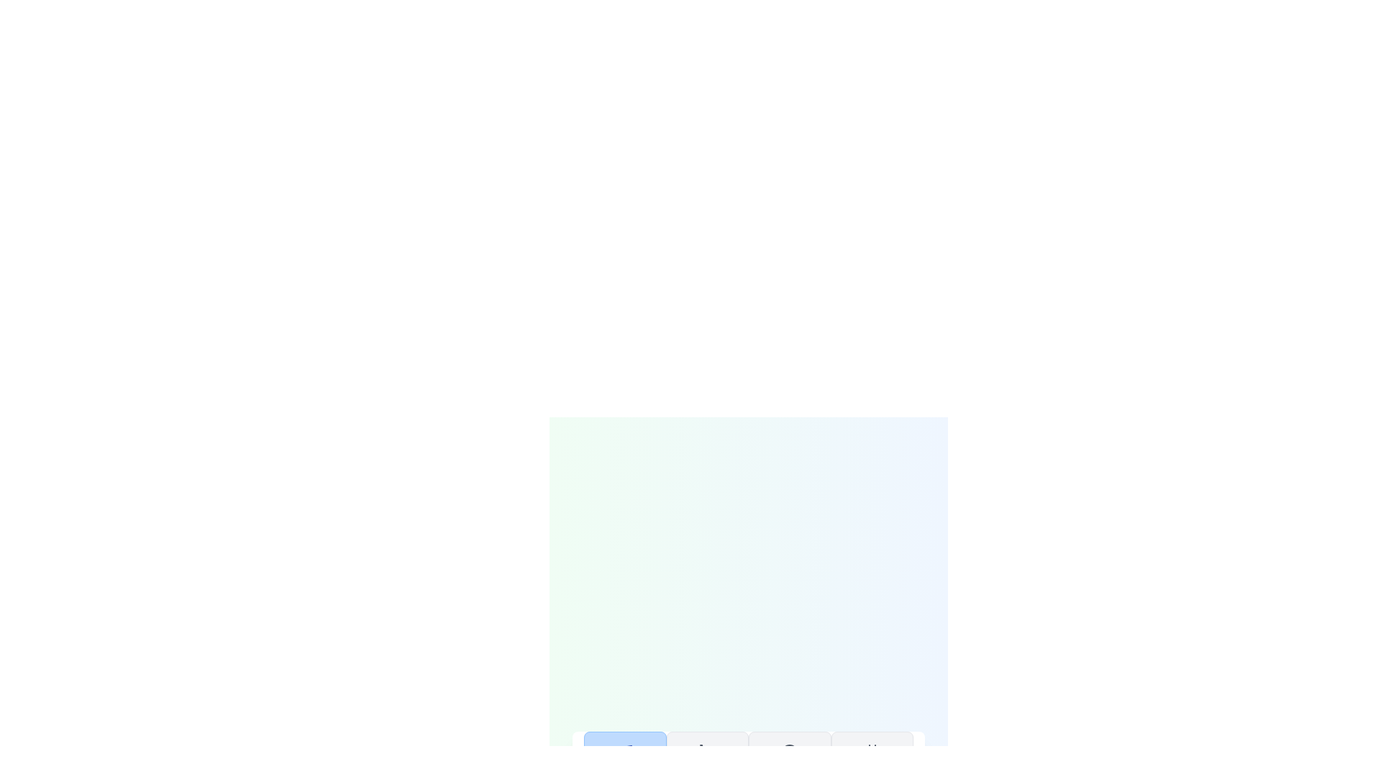  Describe the element at coordinates (625, 764) in the screenshot. I see `the tab labeled Music` at that location.